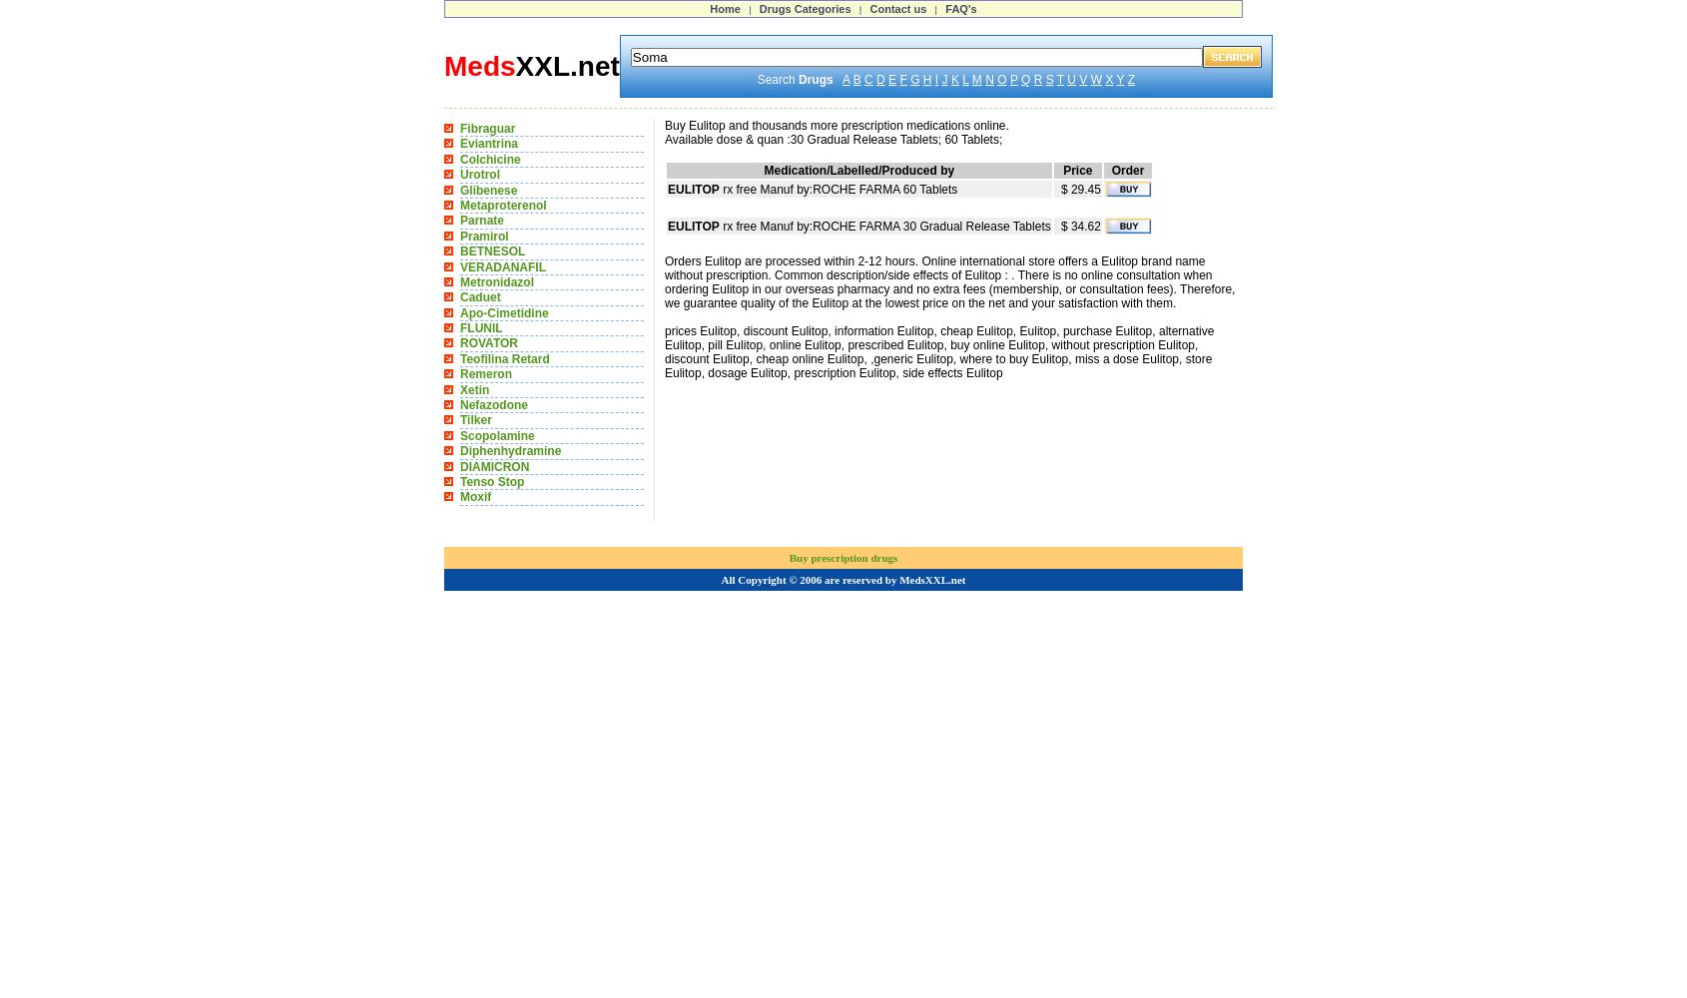 The height and width of the screenshot is (998, 1687). Describe the element at coordinates (489, 159) in the screenshot. I see `'Colchicine'` at that location.